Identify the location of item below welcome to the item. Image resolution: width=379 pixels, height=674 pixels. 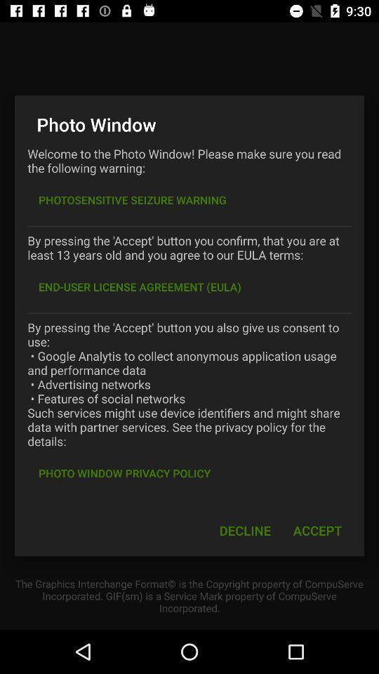
(133, 199).